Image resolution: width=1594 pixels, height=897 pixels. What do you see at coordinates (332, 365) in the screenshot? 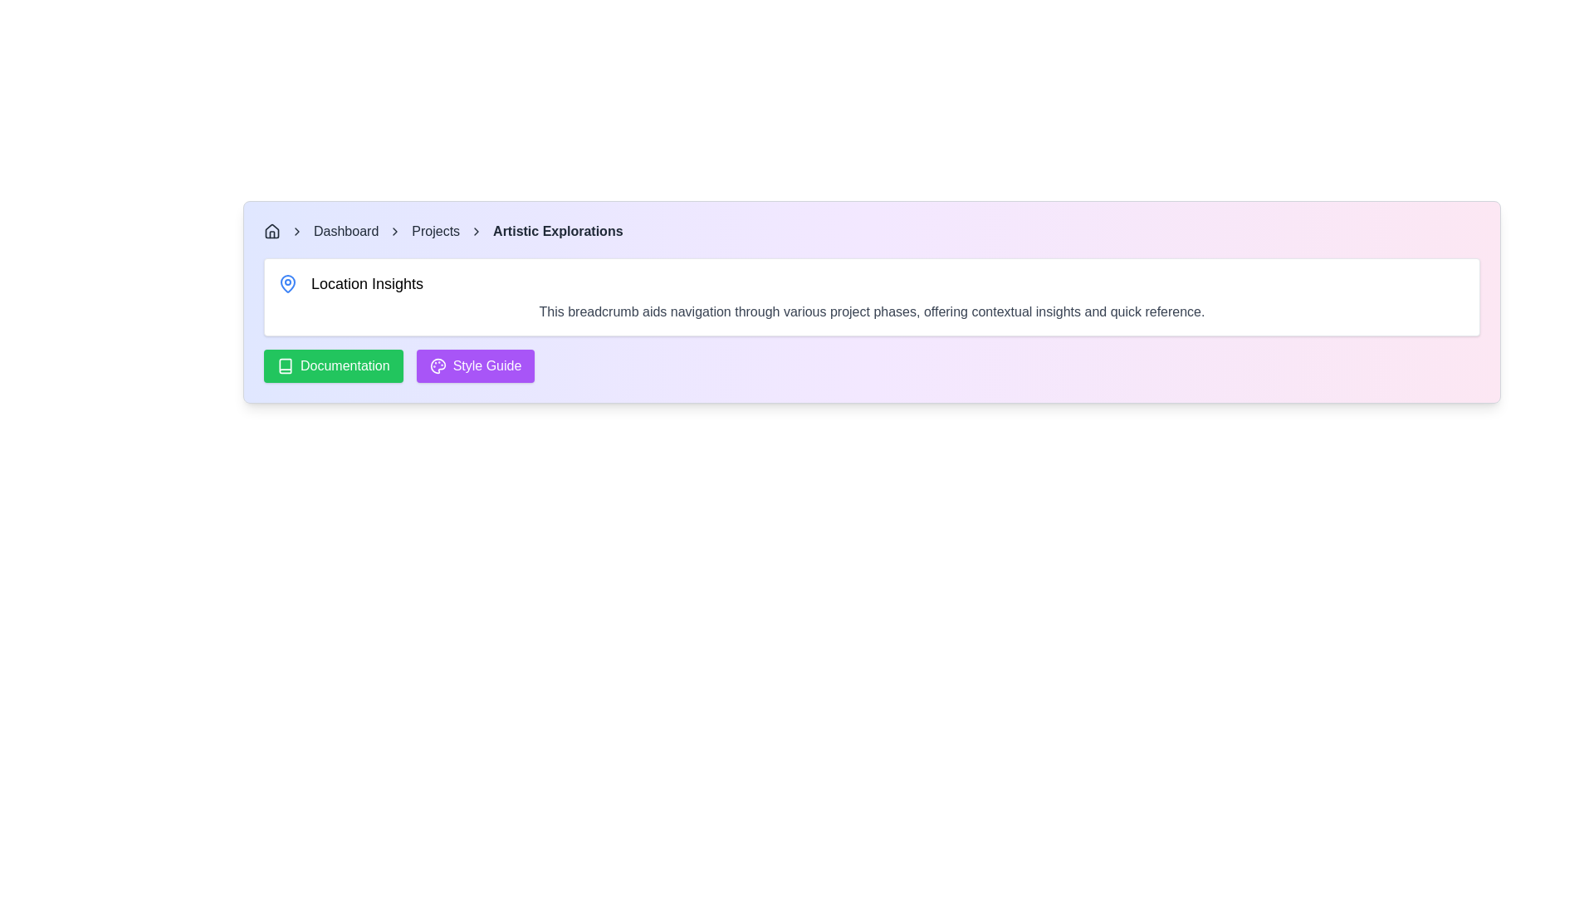
I see `the green 'Documentation' button with an open book icon for focus effect` at bounding box center [332, 365].